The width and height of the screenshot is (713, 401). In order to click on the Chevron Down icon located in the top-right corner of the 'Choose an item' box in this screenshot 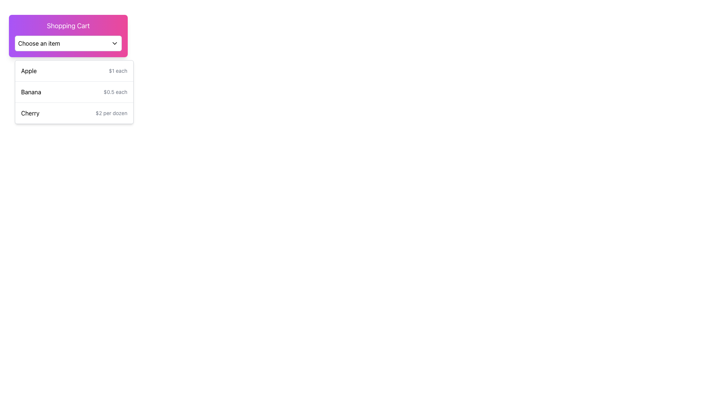, I will do `click(114, 43)`.